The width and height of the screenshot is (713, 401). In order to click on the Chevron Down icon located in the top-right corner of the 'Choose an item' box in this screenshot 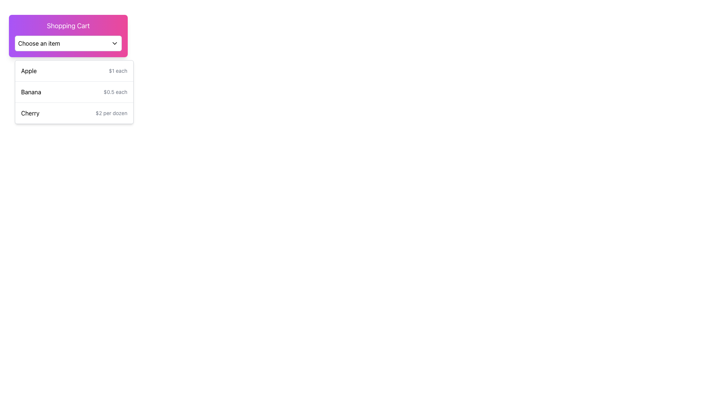, I will do `click(114, 43)`.